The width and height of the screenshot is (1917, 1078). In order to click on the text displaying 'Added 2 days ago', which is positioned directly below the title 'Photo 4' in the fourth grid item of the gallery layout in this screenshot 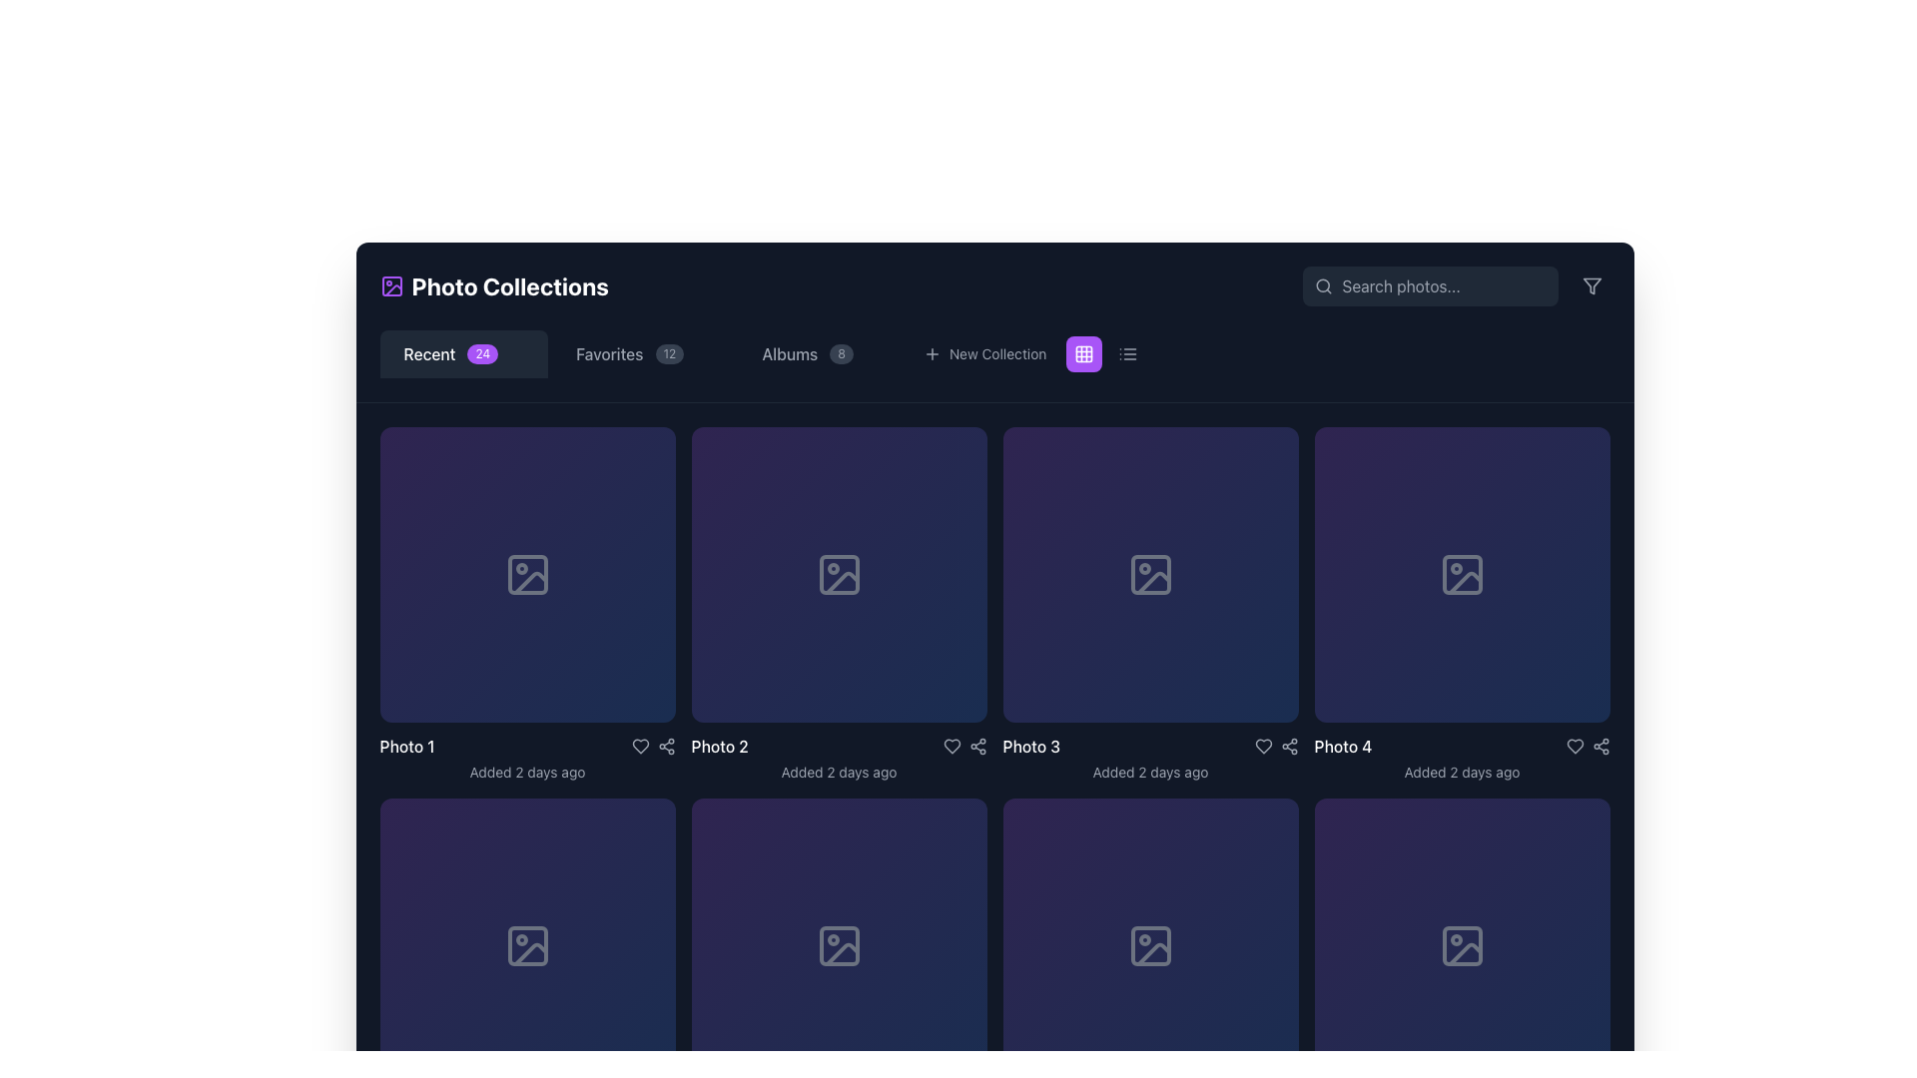, I will do `click(1462, 772)`.